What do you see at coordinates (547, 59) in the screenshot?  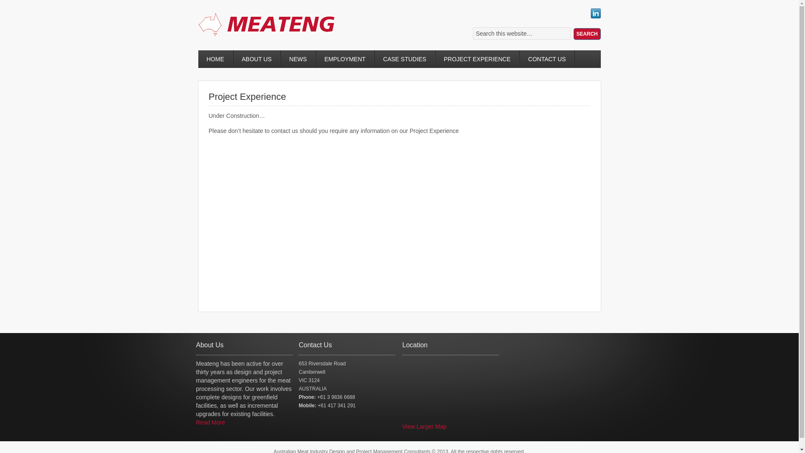 I see `'CONTACT US'` at bounding box center [547, 59].